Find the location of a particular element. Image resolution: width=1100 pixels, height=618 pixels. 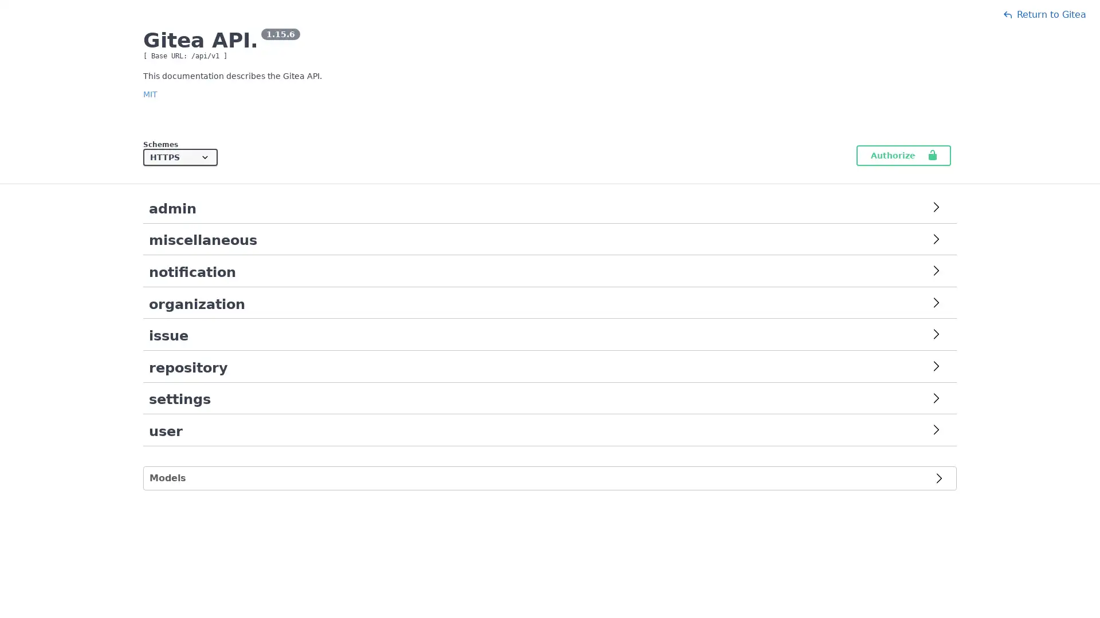

Expand operation is located at coordinates (936, 367).